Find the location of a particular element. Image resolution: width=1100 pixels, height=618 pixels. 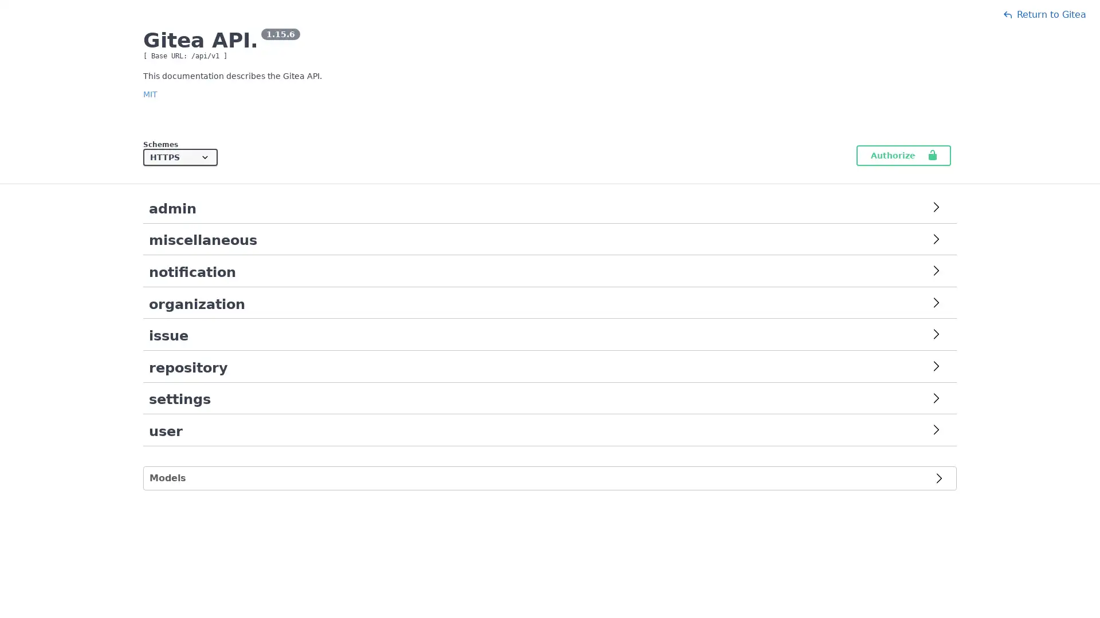

Expand operation is located at coordinates (936, 367).